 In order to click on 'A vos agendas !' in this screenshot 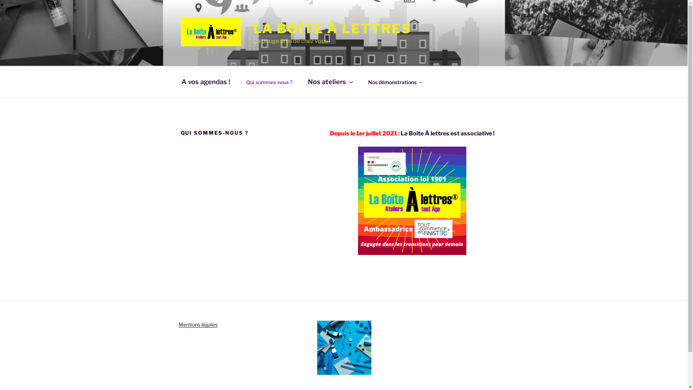, I will do `click(173, 81)`.